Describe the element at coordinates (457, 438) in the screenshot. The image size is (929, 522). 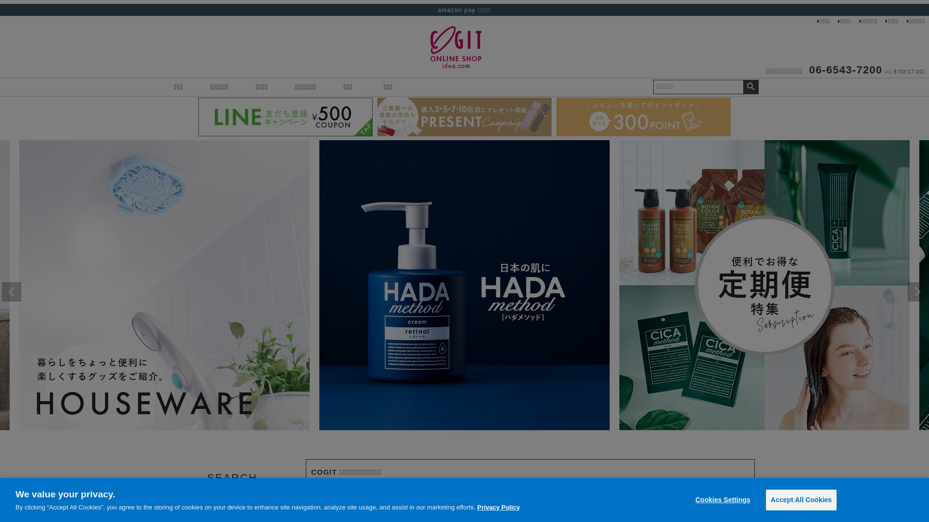
I see `'2'` at that location.